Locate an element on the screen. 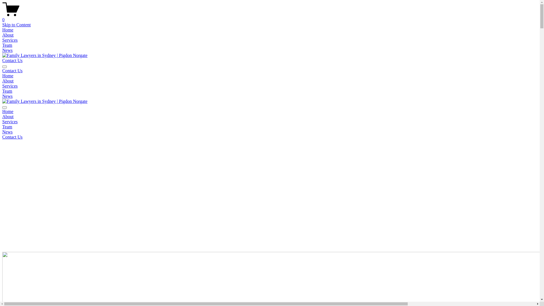  'Services' is located at coordinates (10, 40).